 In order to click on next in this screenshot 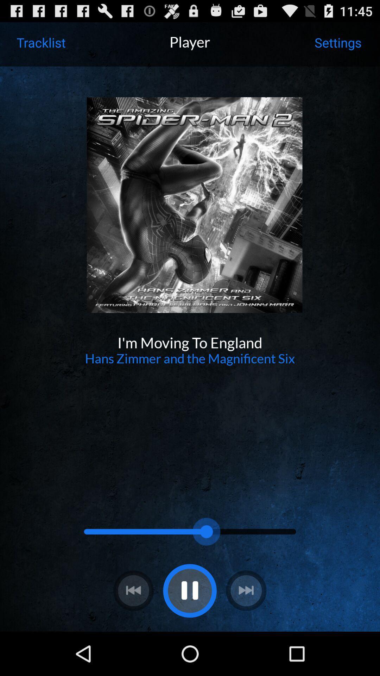, I will do `click(246, 590)`.